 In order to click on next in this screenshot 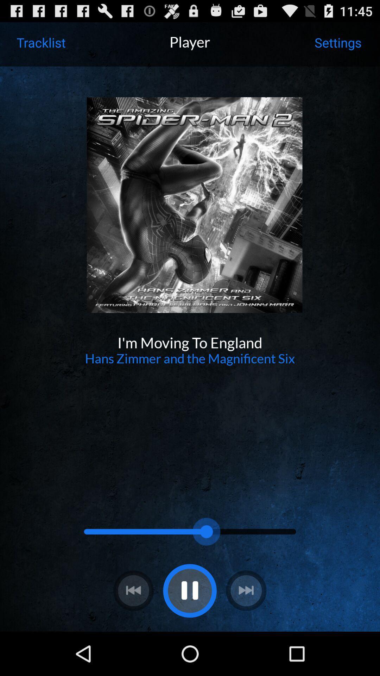, I will do `click(246, 590)`.